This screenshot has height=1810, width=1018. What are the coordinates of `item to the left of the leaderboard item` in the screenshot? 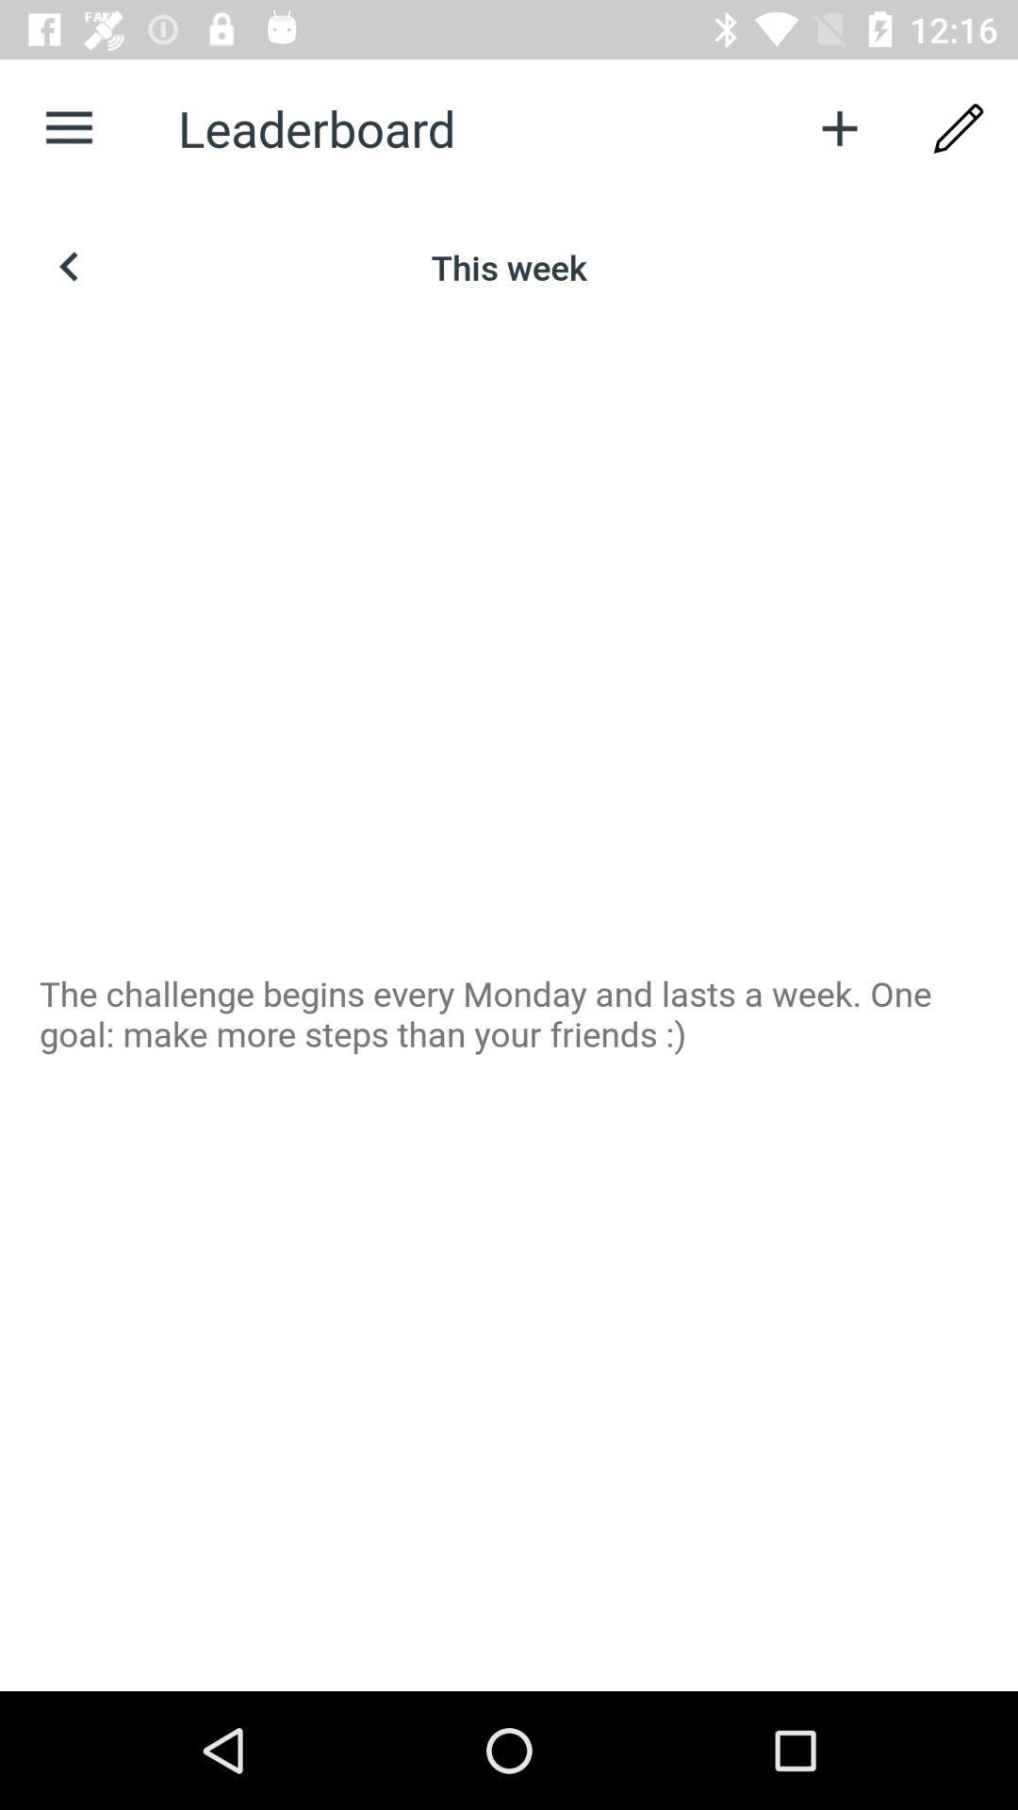 It's located at (68, 127).